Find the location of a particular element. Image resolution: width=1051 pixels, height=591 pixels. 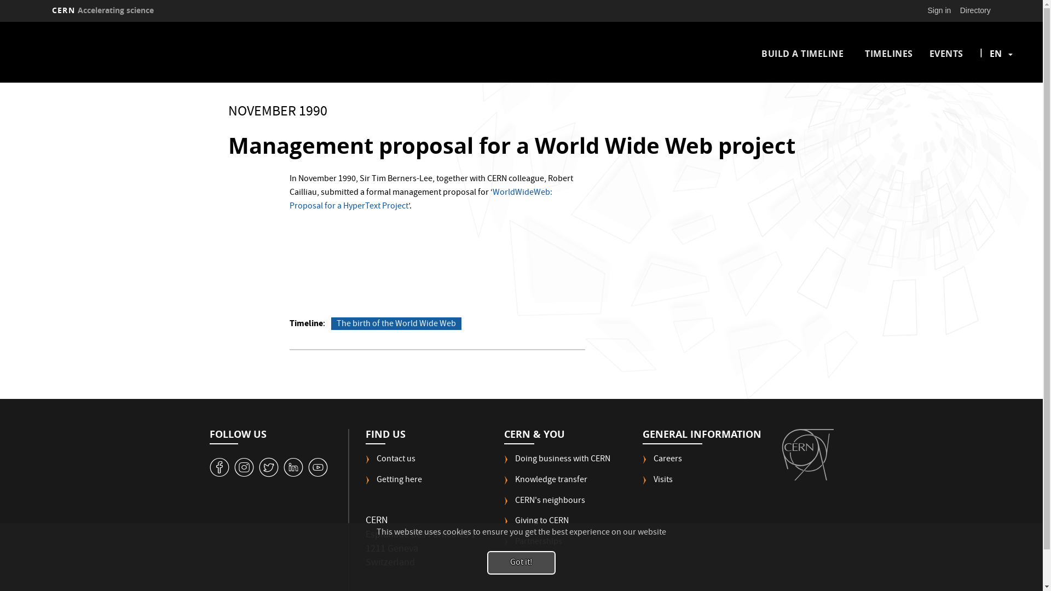

'BUILD A TIMELINE' is located at coordinates (802, 53).